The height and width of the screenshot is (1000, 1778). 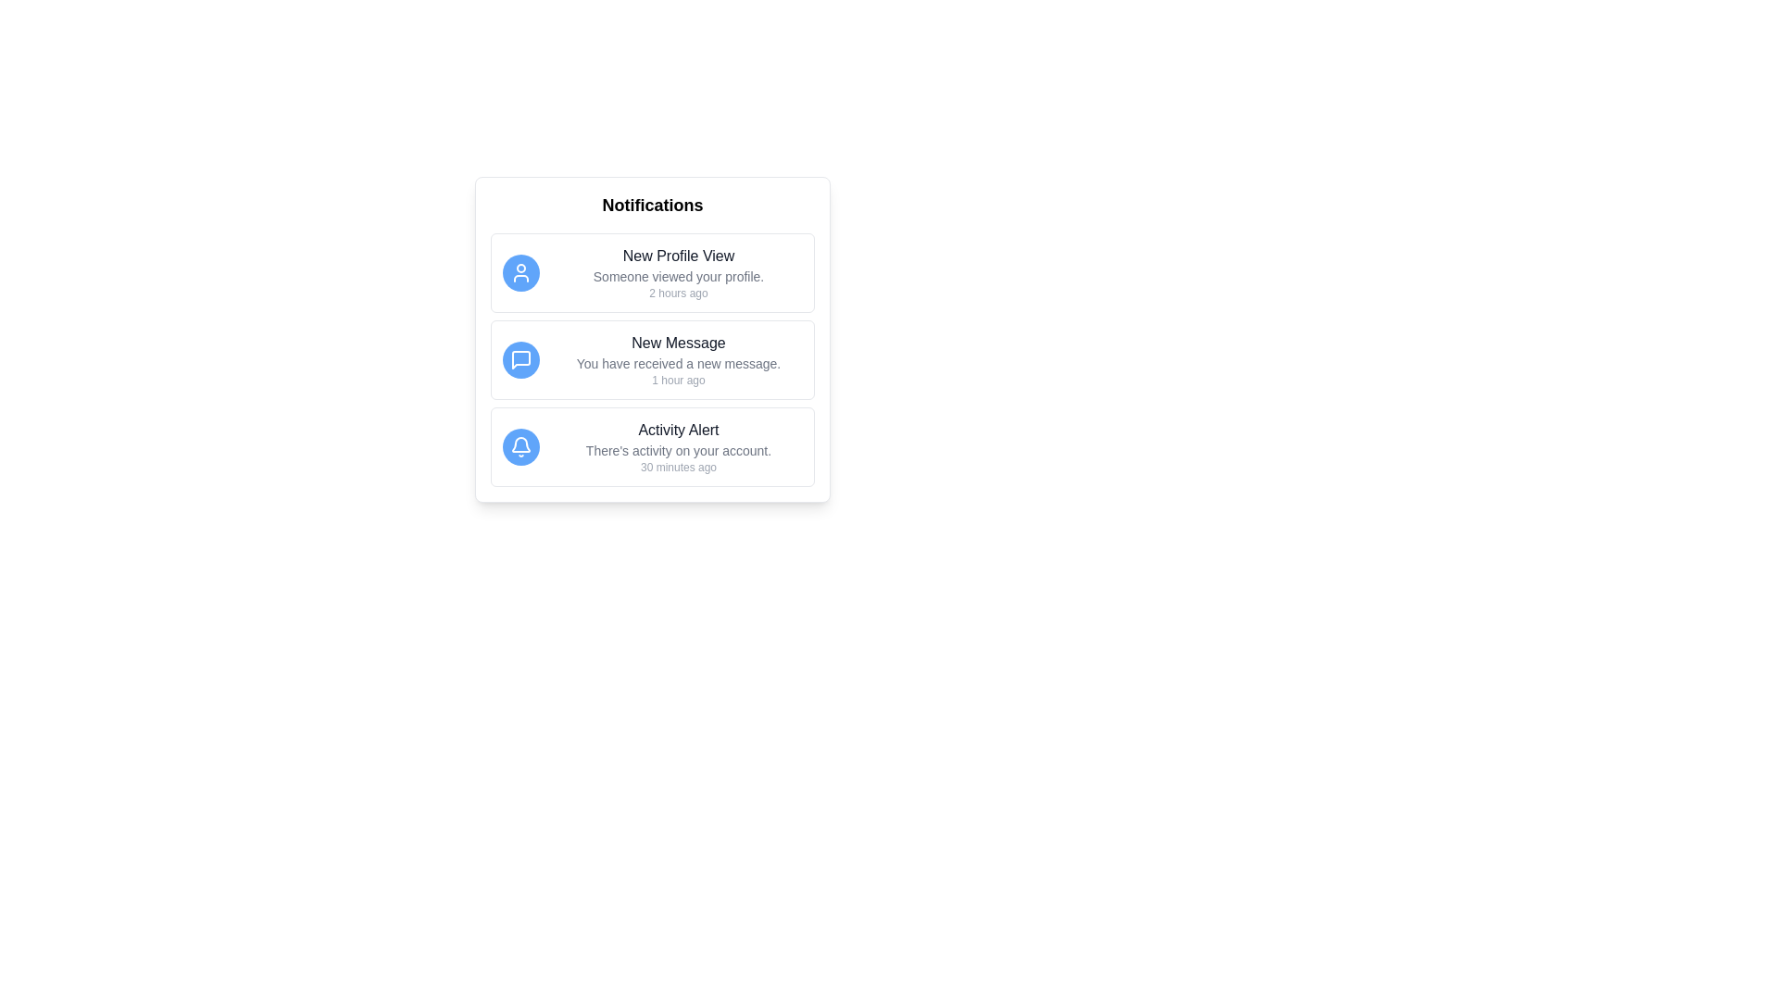 What do you see at coordinates (678, 256) in the screenshot?
I see `the first notification title in the 'Notifications' interface card, which summarizes the content of the notification` at bounding box center [678, 256].